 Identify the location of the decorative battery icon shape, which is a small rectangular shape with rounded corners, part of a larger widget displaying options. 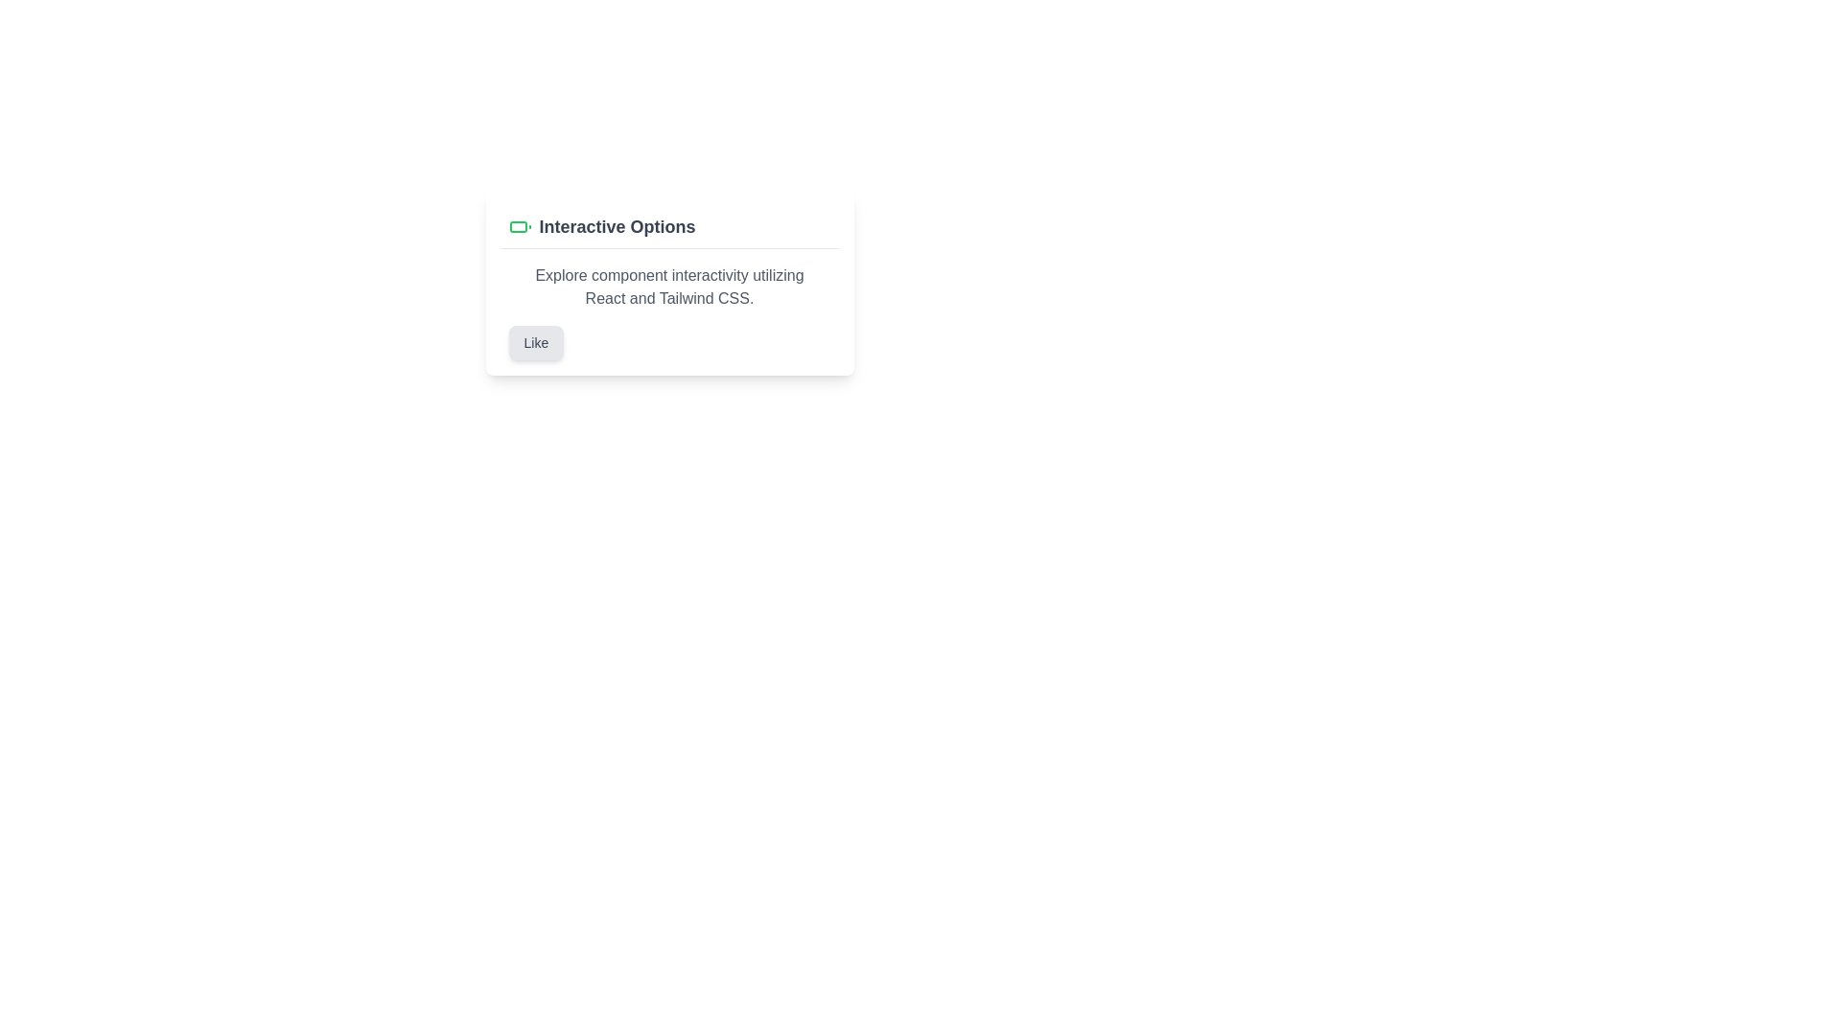
(518, 225).